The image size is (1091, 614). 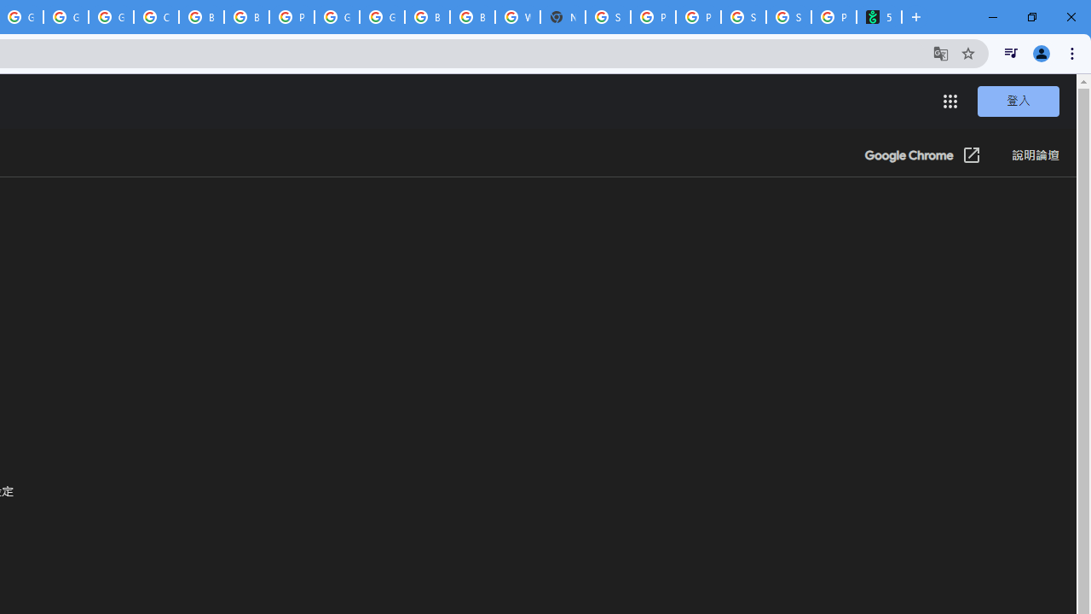 I want to click on 'Google Cloud Platform', so click(x=381, y=17).